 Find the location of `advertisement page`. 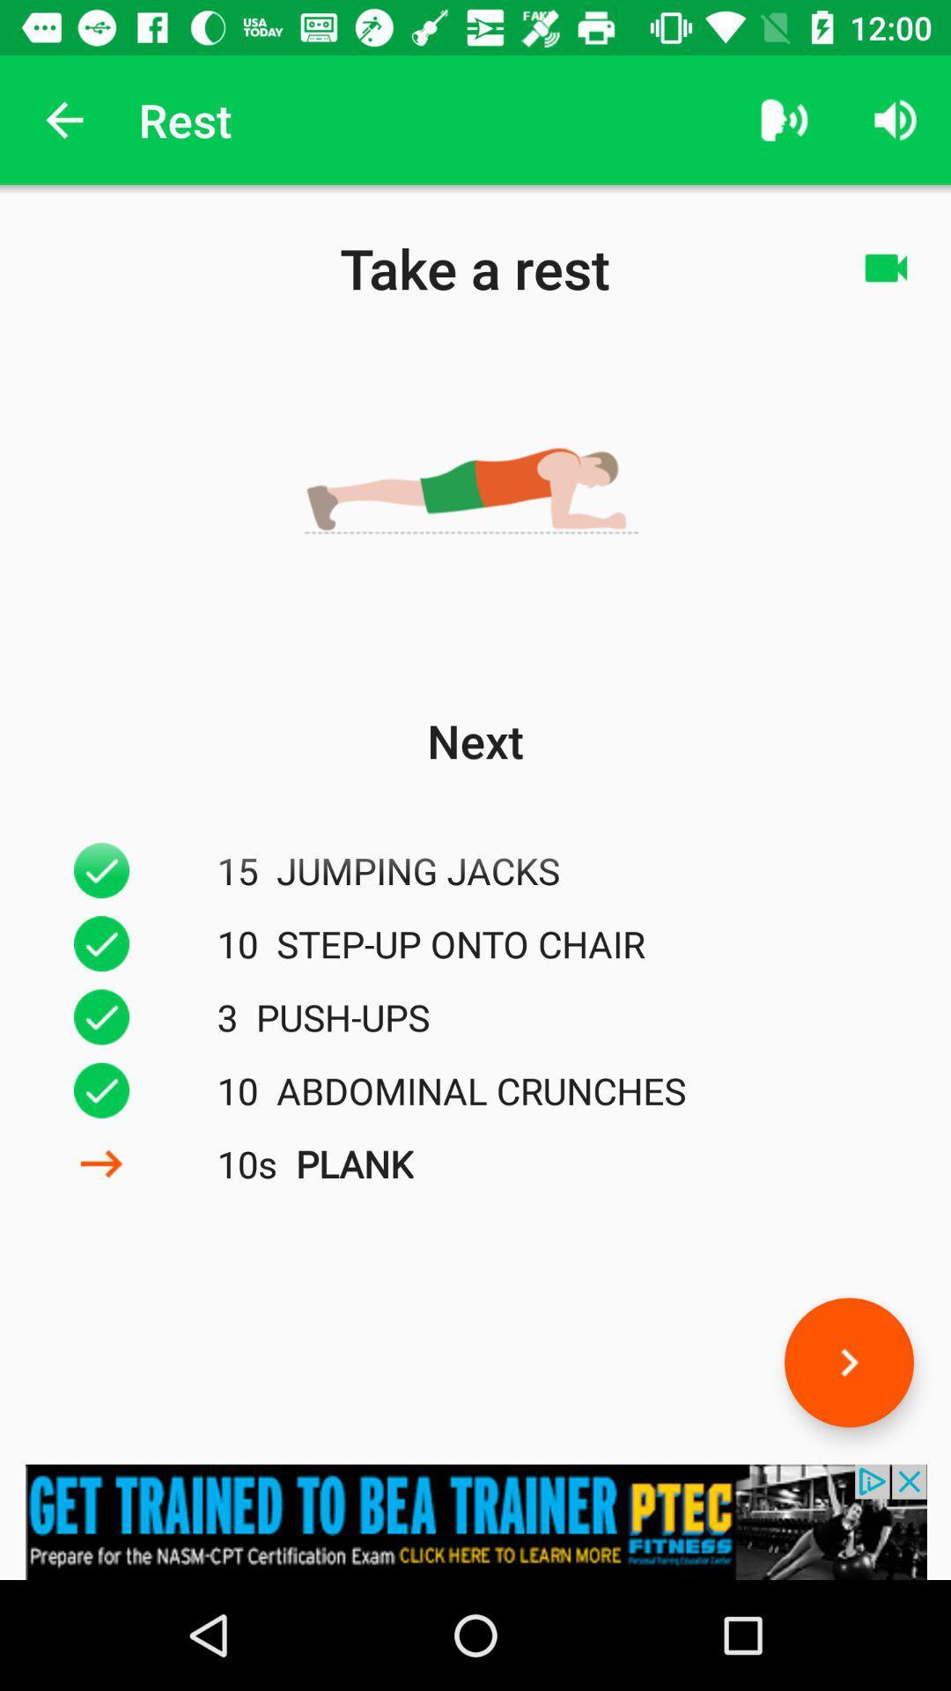

advertisement page is located at coordinates (475, 1521).